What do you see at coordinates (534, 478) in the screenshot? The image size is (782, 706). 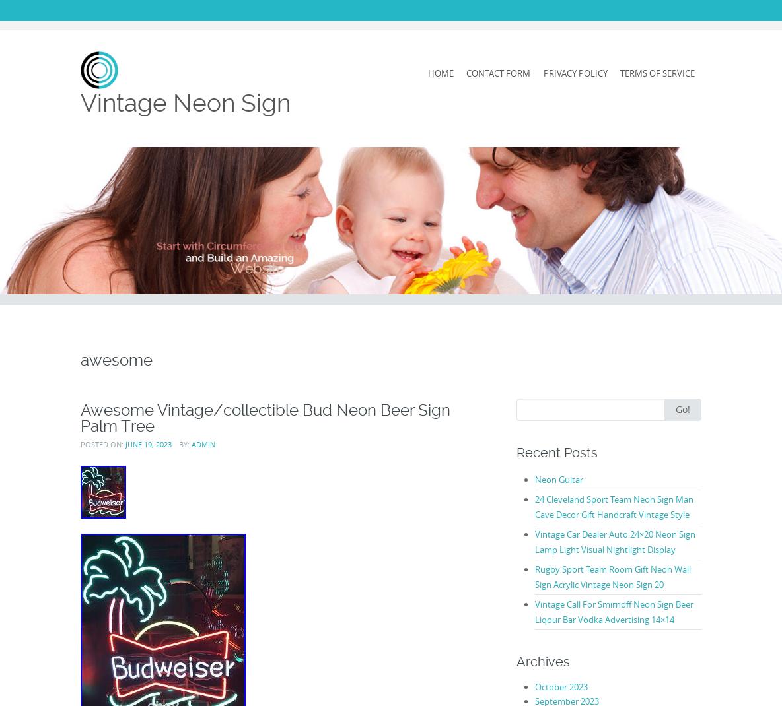 I see `'Neon Guitar'` at bounding box center [534, 478].